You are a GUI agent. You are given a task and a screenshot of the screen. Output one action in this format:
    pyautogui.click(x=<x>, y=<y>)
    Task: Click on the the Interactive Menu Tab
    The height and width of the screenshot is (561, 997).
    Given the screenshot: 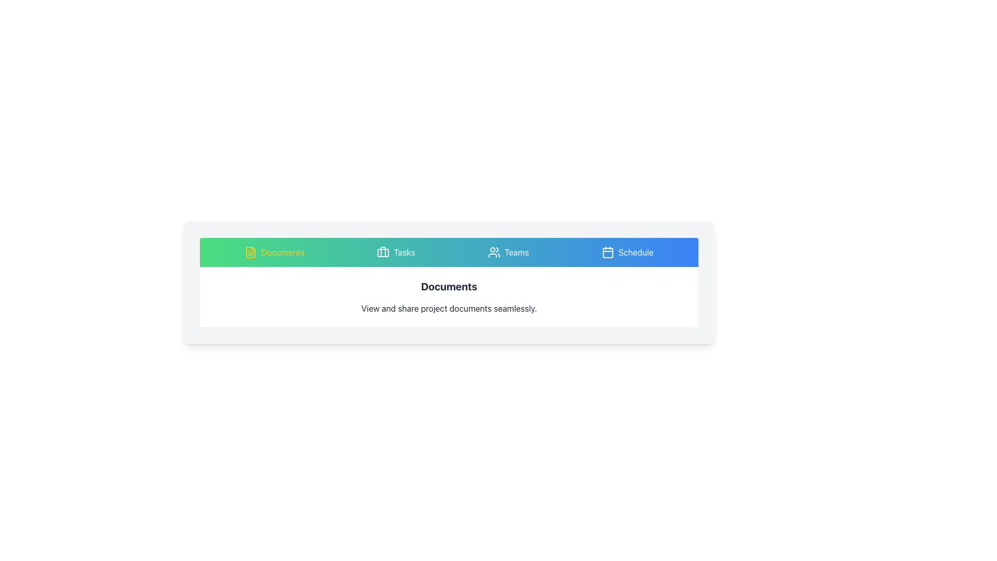 What is the action you would take?
    pyautogui.click(x=274, y=252)
    